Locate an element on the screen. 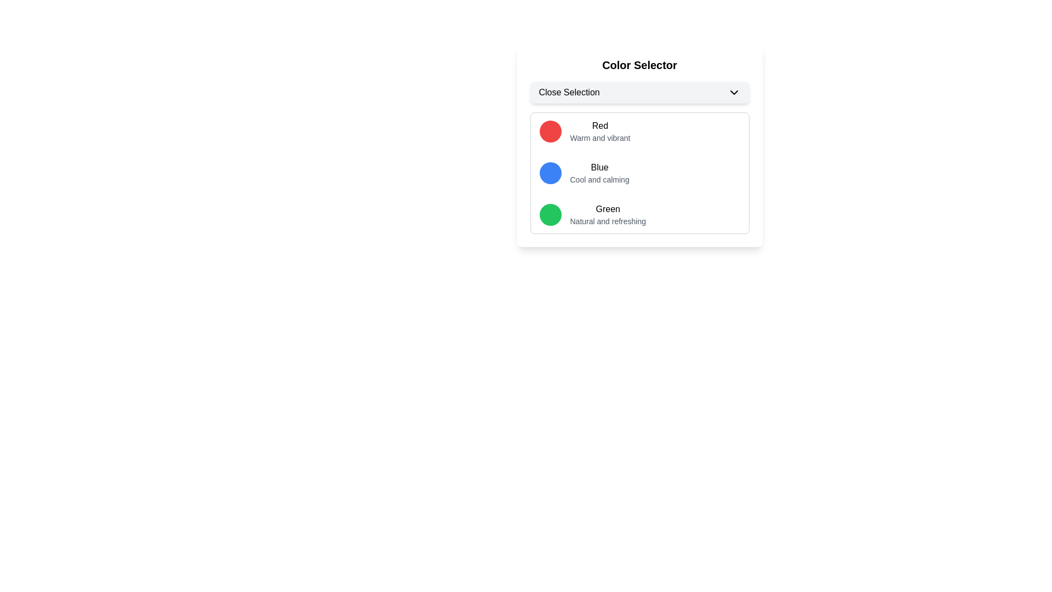 Image resolution: width=1052 pixels, height=592 pixels. text label and description for the 'Blue' color option, which is located in the second row of the Color Selector section, to the right of the circular blue indicator is located at coordinates (599, 173).